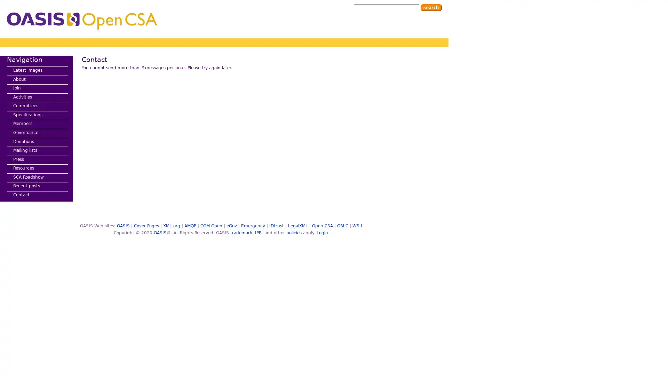 This screenshot has height=376, width=668. Describe the element at coordinates (431, 8) in the screenshot. I see `Search` at that location.